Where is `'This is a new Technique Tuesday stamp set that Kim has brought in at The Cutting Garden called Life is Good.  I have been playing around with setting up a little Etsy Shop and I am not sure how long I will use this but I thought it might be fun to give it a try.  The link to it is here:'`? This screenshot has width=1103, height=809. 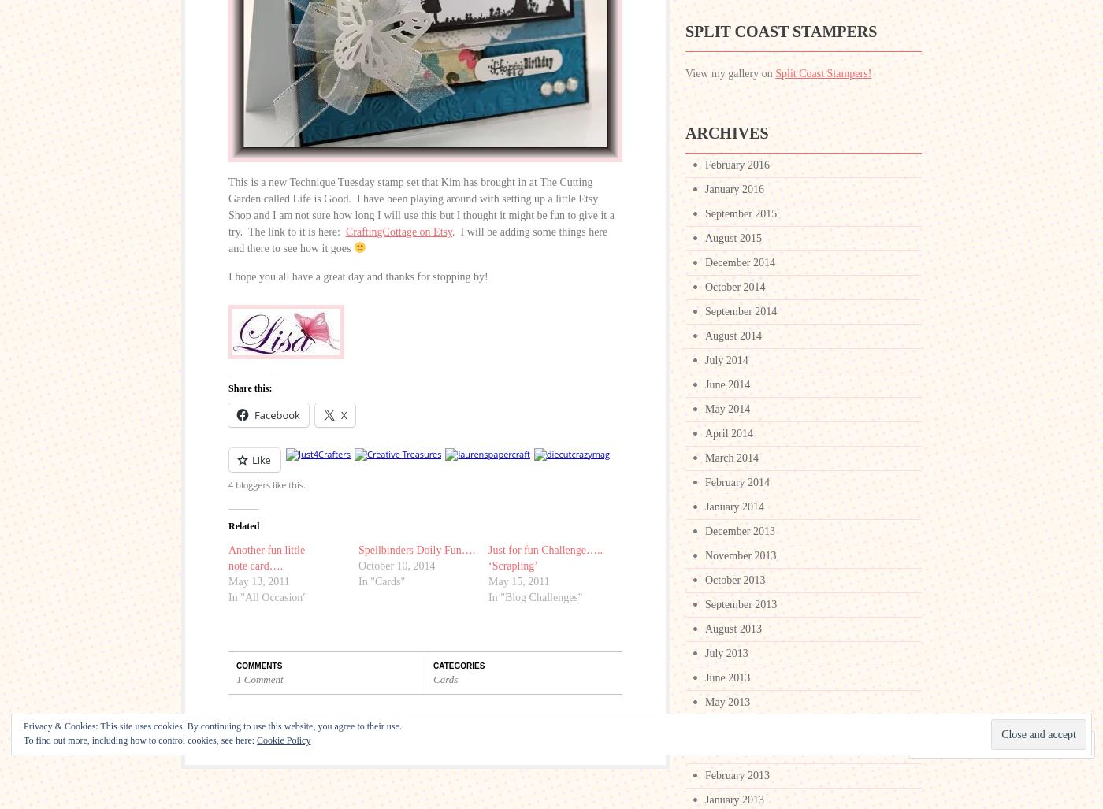 'This is a new Technique Tuesday stamp set that Kim has brought in at The Cutting Garden called Life is Good.  I have been playing around with setting up a little Etsy Shop and I am not sure how long I will use this but I thought it might be fun to give it a try.  The link to it is here:' is located at coordinates (421, 207).